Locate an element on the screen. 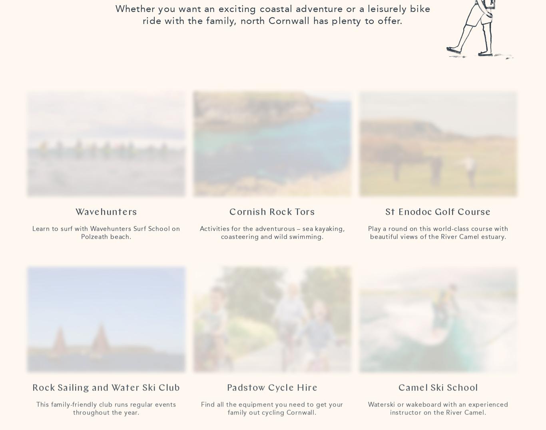 The width and height of the screenshot is (546, 430). 'Padstow Cycle Hire' is located at coordinates (271, 384).